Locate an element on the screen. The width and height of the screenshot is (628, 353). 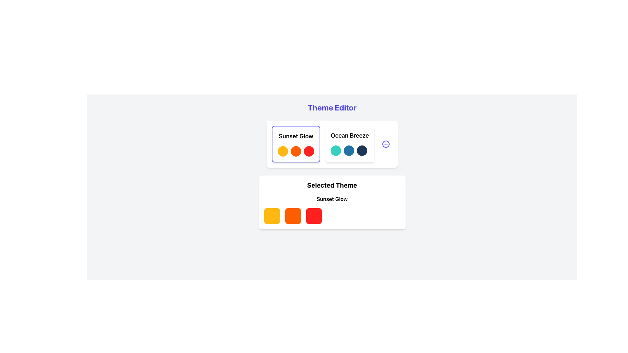
the bold indigo-colored text label that displays 'Theme Editor', which is located at the top-center of the main section of the interface is located at coordinates (332, 107).